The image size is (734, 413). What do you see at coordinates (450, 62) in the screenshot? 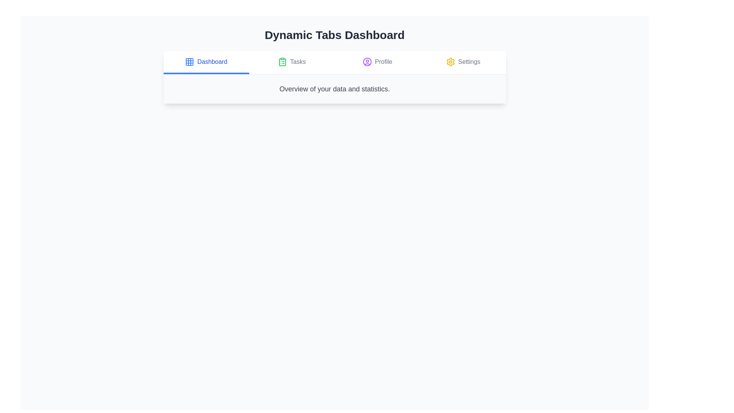
I see `the yellow cogwheel settings icon located in the top right section of the tabbed navigation bar` at bounding box center [450, 62].